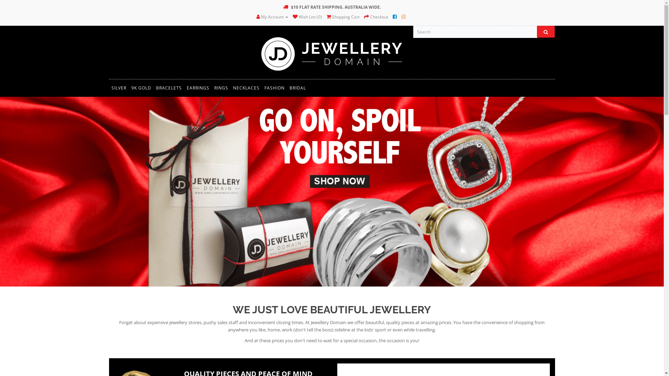 Image resolution: width=669 pixels, height=376 pixels. I want to click on 'BRIDAL', so click(298, 88).